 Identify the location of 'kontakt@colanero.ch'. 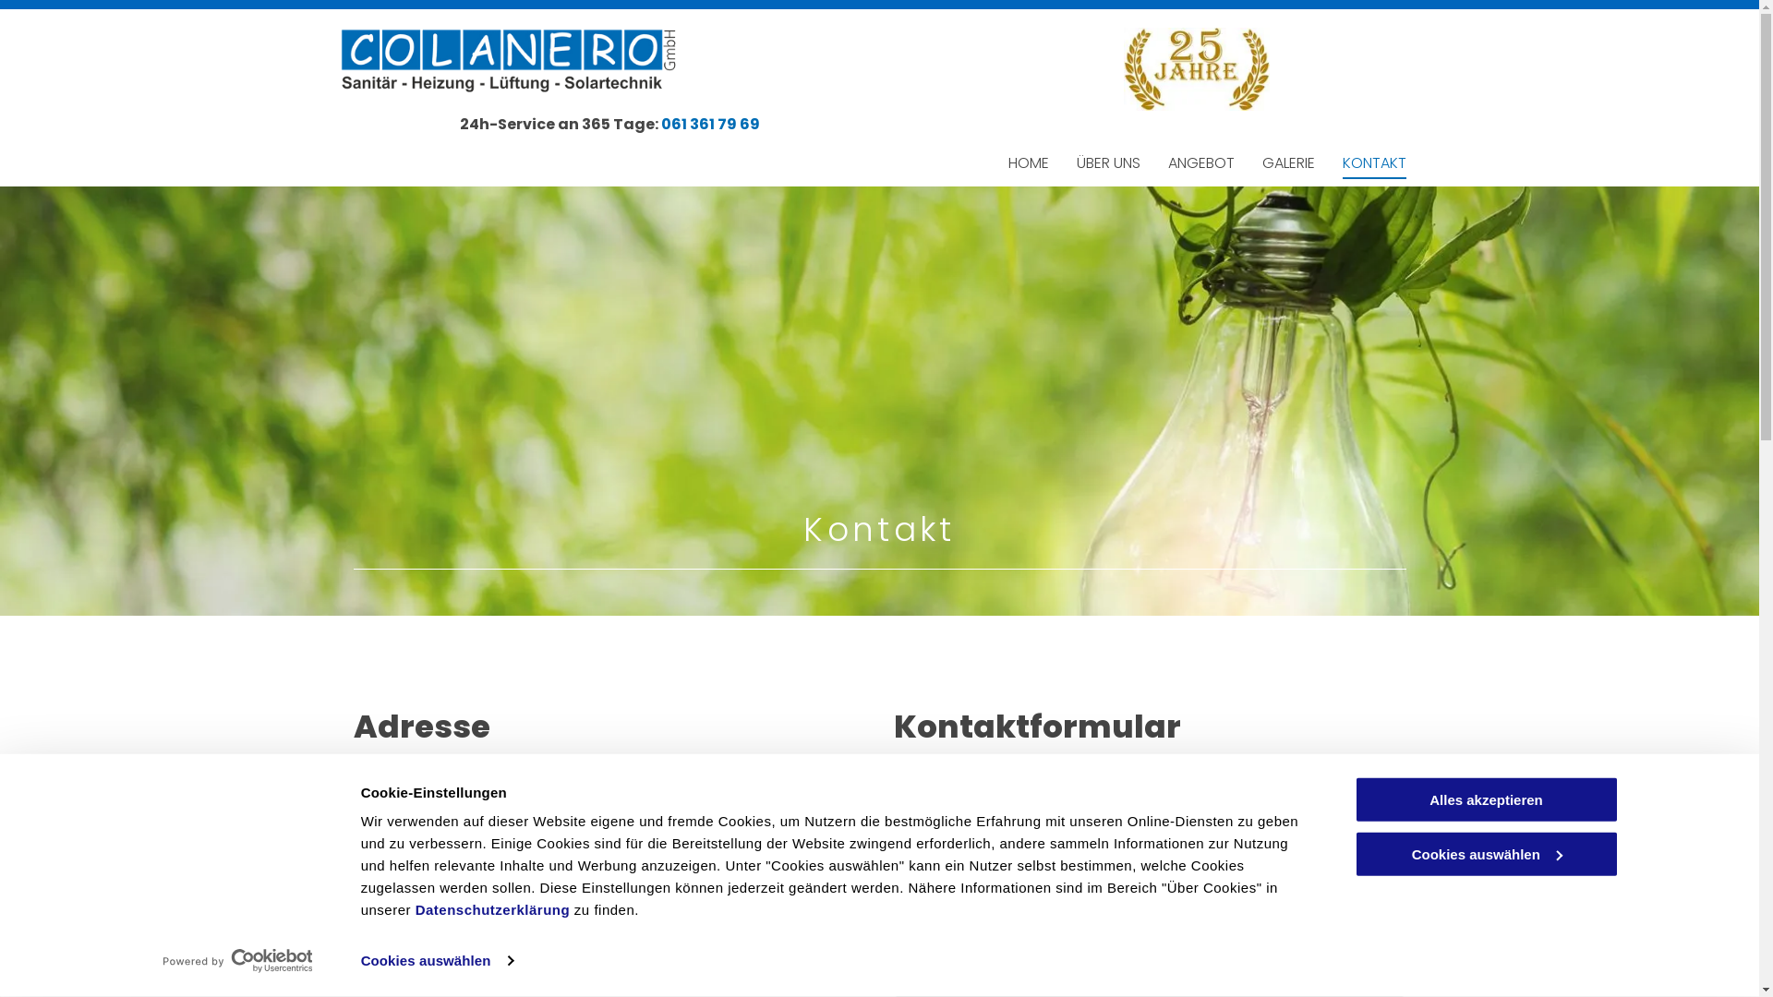
(370, 967).